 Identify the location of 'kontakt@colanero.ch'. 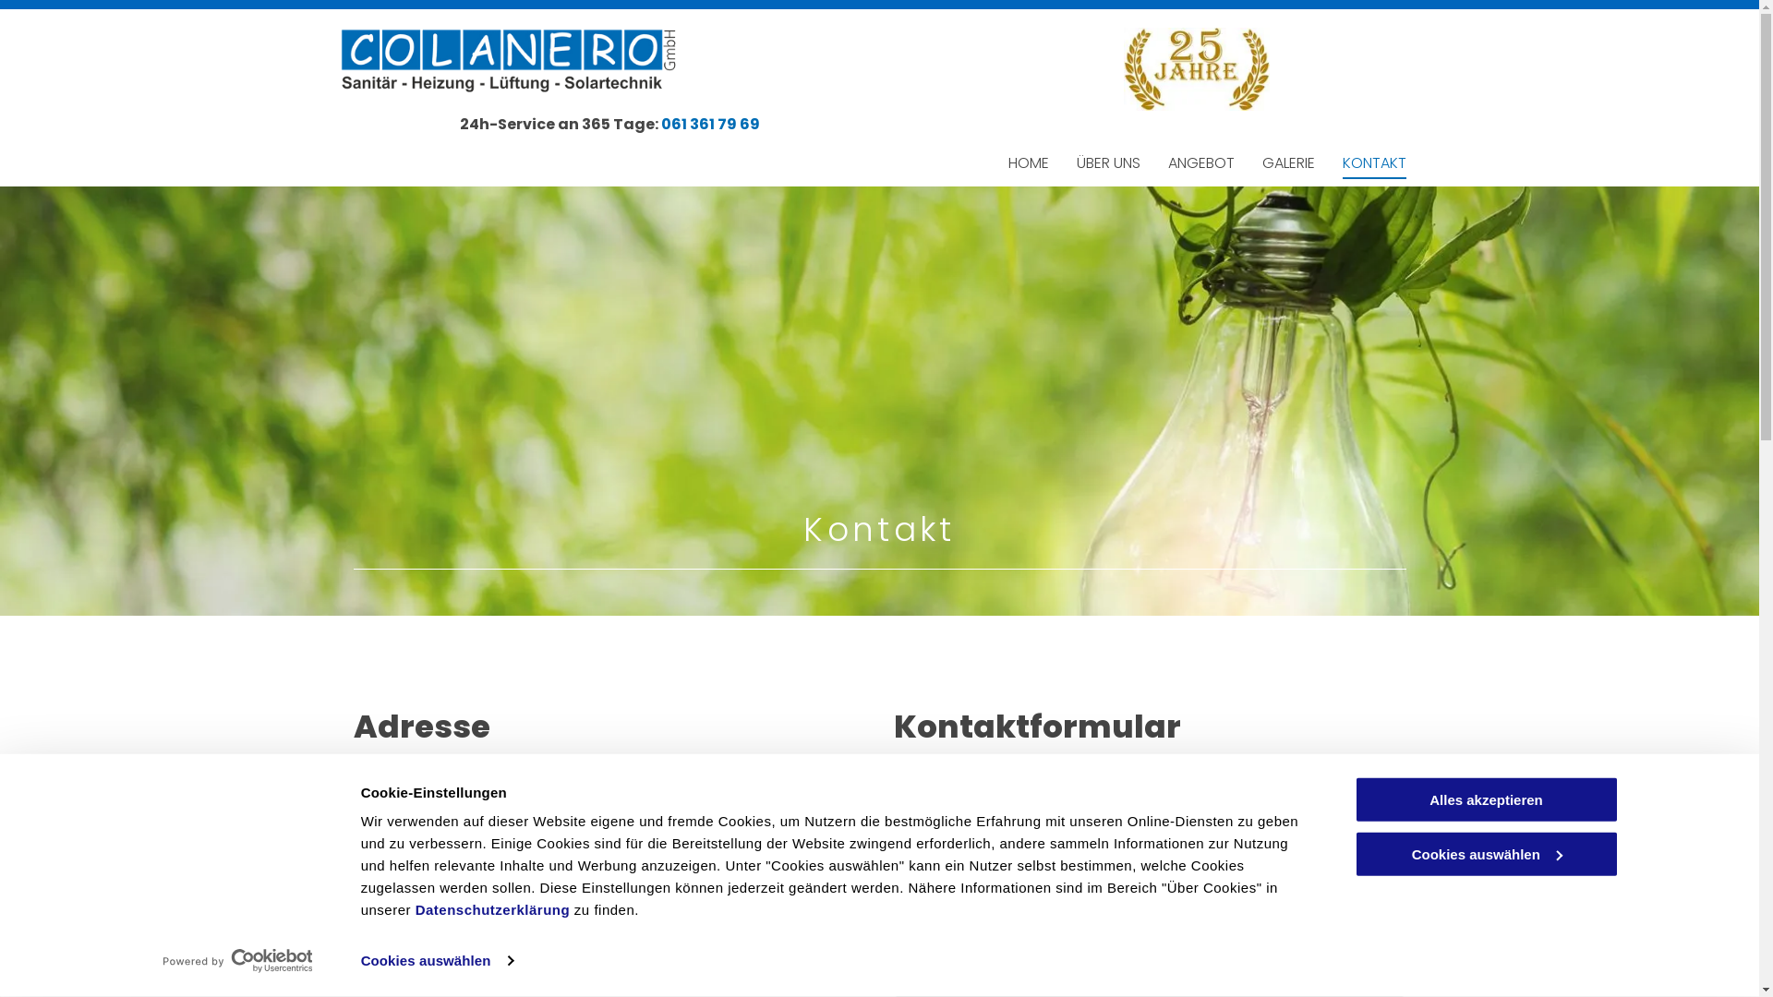
(370, 967).